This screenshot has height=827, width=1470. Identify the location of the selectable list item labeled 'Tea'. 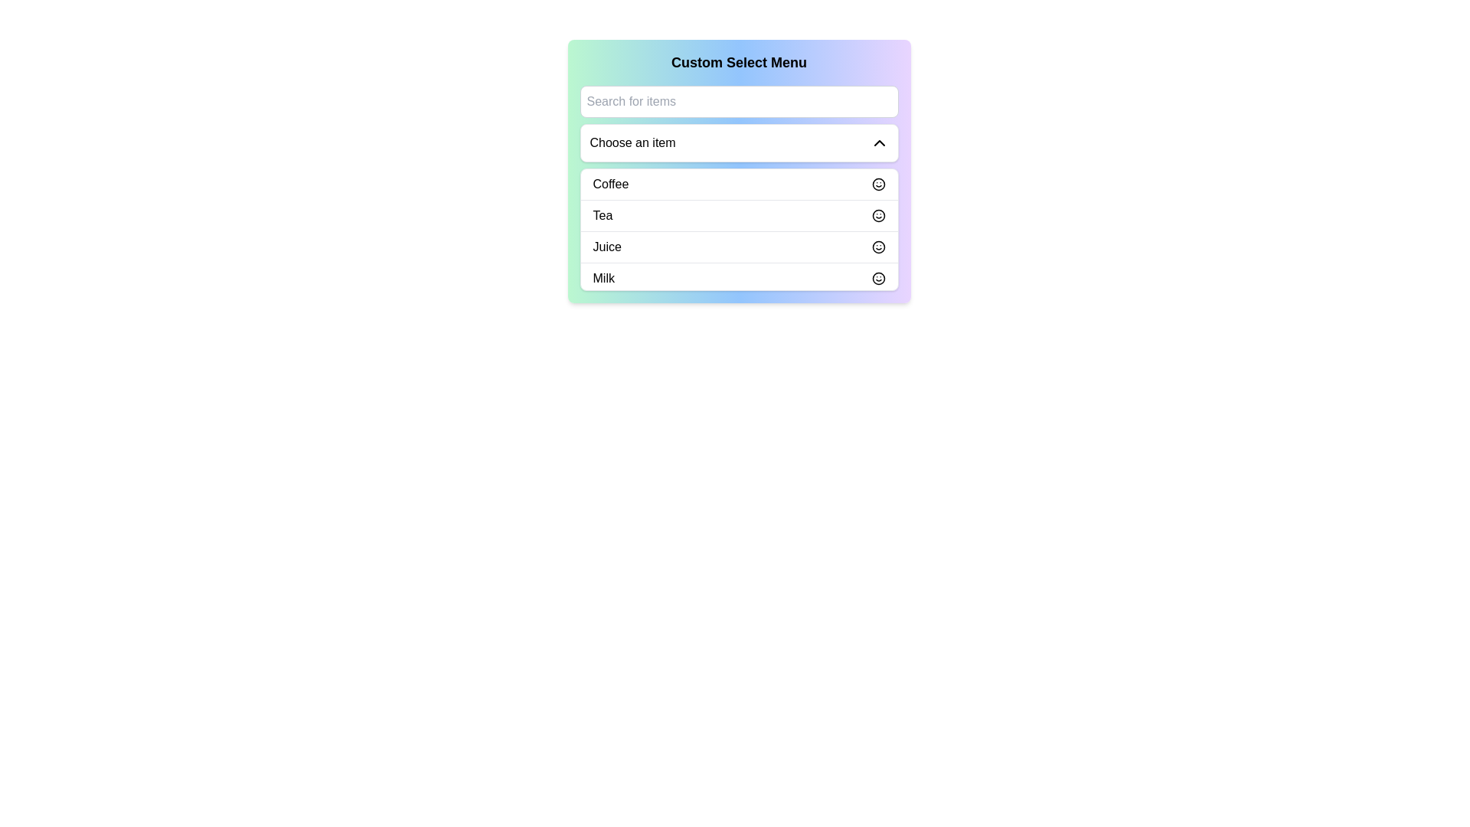
(739, 215).